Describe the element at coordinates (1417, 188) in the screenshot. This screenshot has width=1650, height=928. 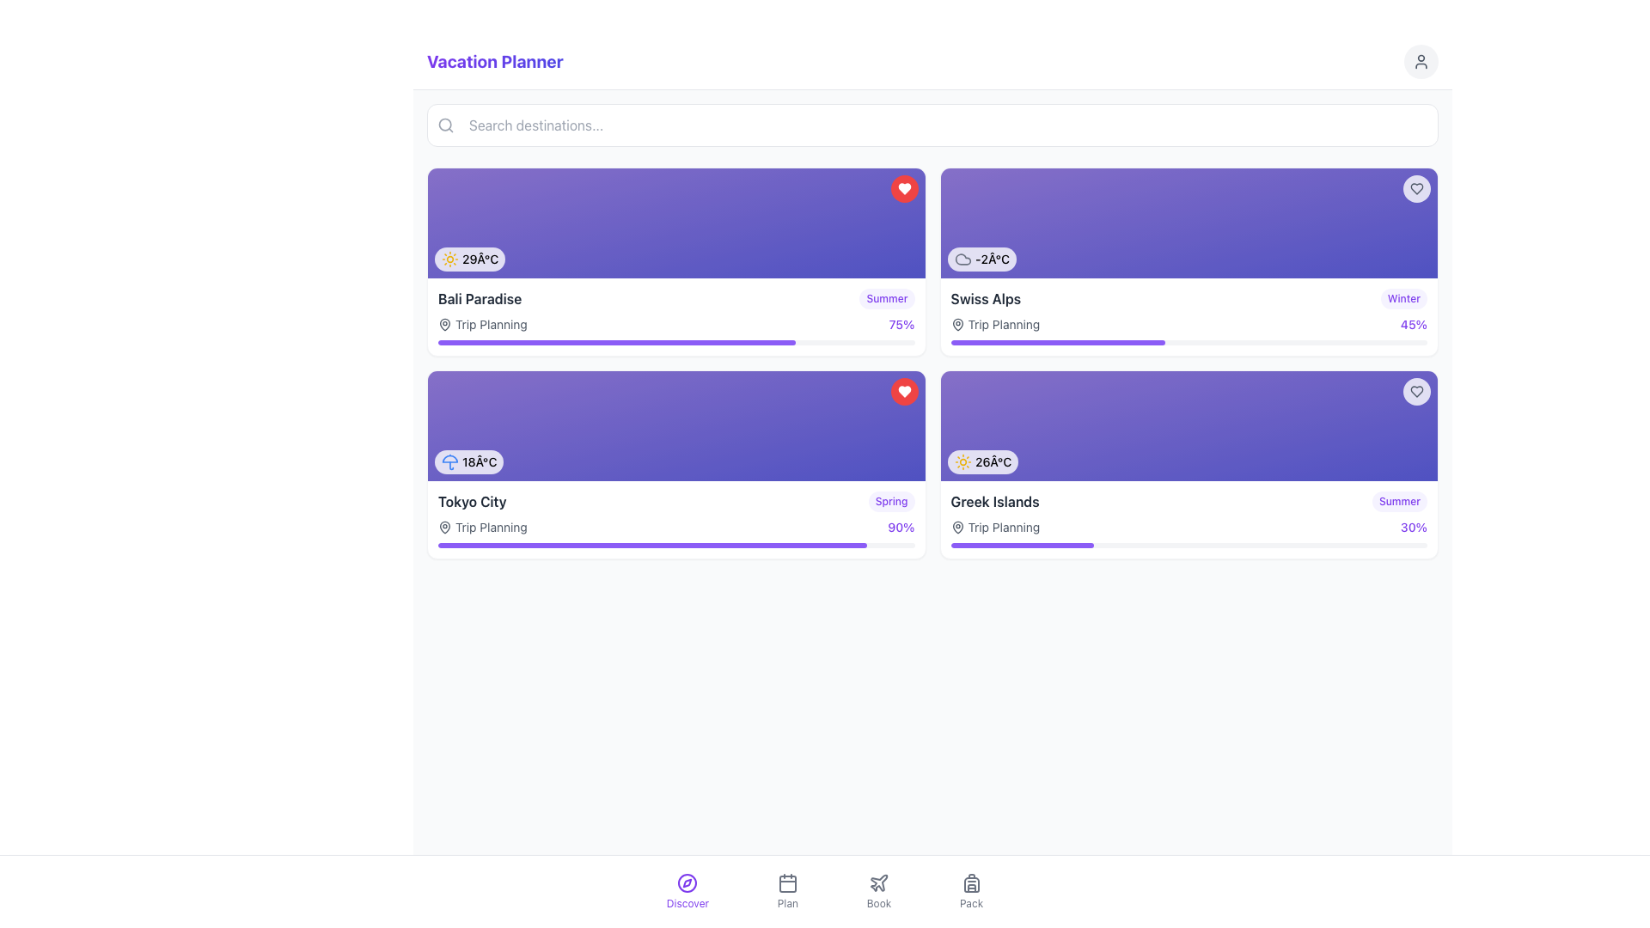
I see `the heart-shaped icon located in the top-right corner of the 'Swiss Alps' card` at that location.